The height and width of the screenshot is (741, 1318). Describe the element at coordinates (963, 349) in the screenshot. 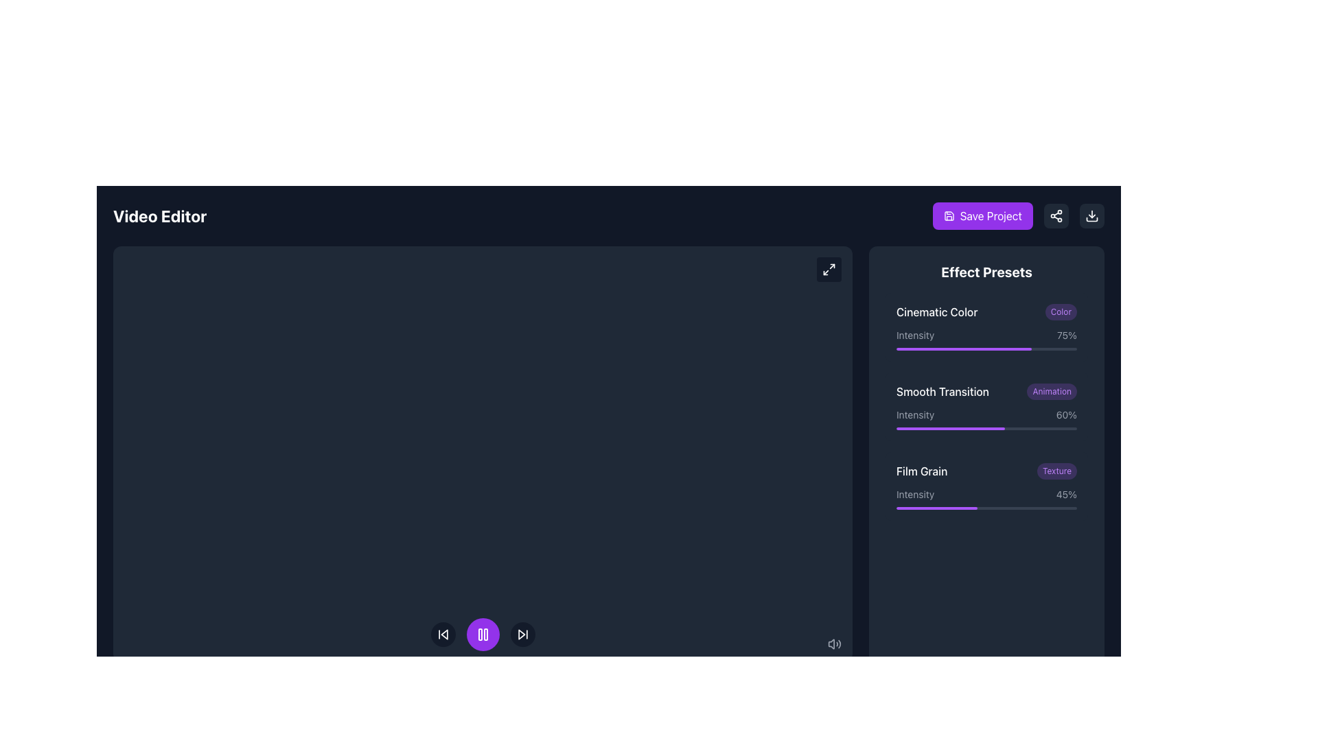

I see `the Progress bar indicator representing a 60% intensity level for the 'Smooth Transition' effect in the 'Effect Presets' section` at that location.